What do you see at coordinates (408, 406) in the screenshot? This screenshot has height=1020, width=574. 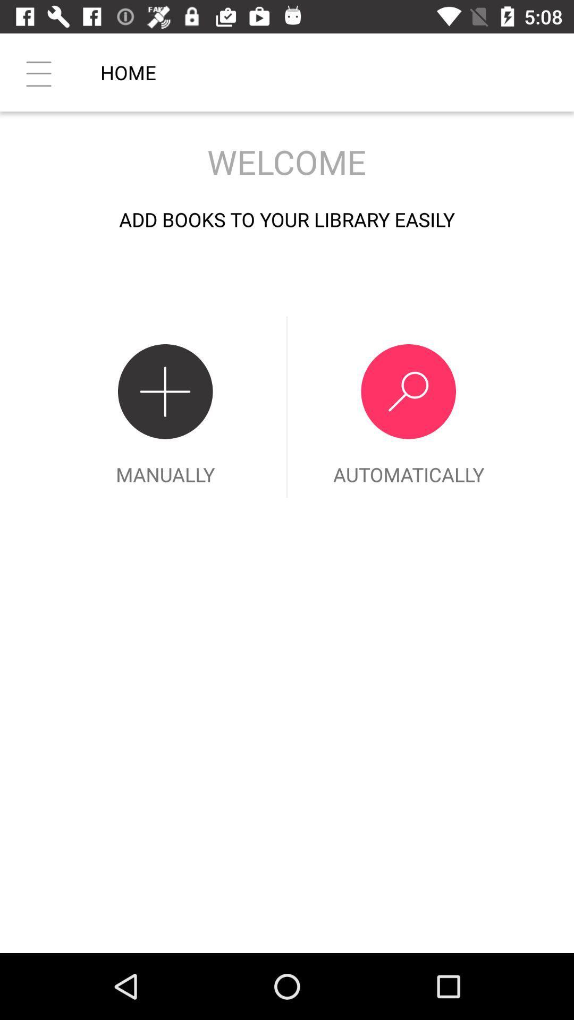 I see `the icon on the right` at bounding box center [408, 406].